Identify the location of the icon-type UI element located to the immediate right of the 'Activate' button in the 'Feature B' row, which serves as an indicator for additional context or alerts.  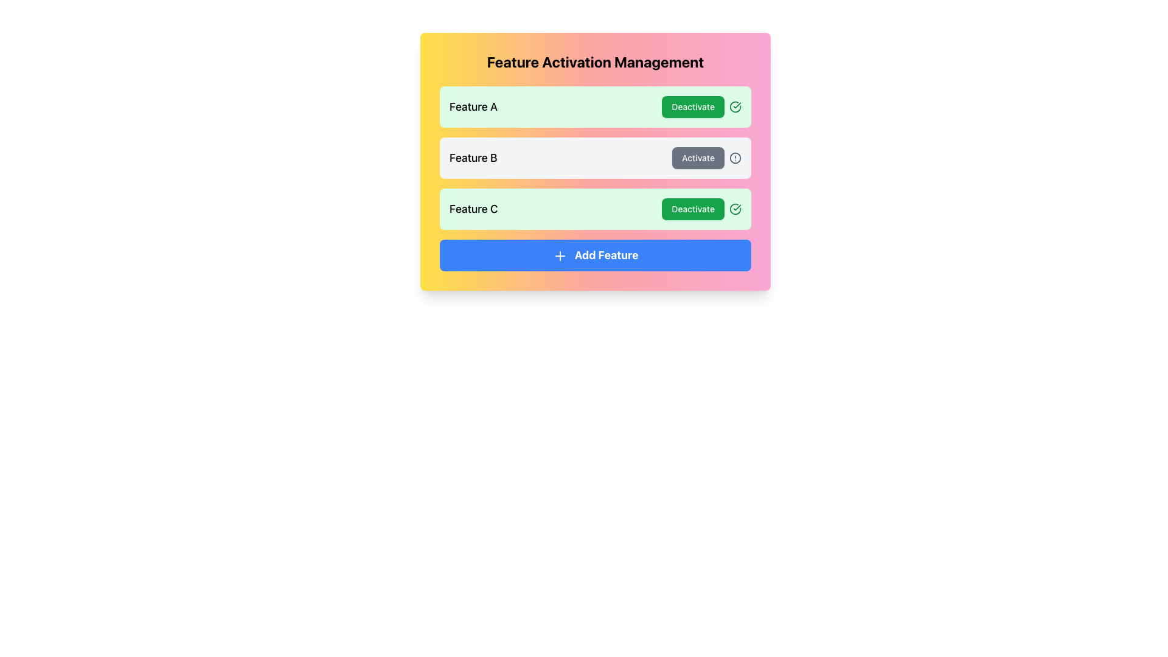
(735, 157).